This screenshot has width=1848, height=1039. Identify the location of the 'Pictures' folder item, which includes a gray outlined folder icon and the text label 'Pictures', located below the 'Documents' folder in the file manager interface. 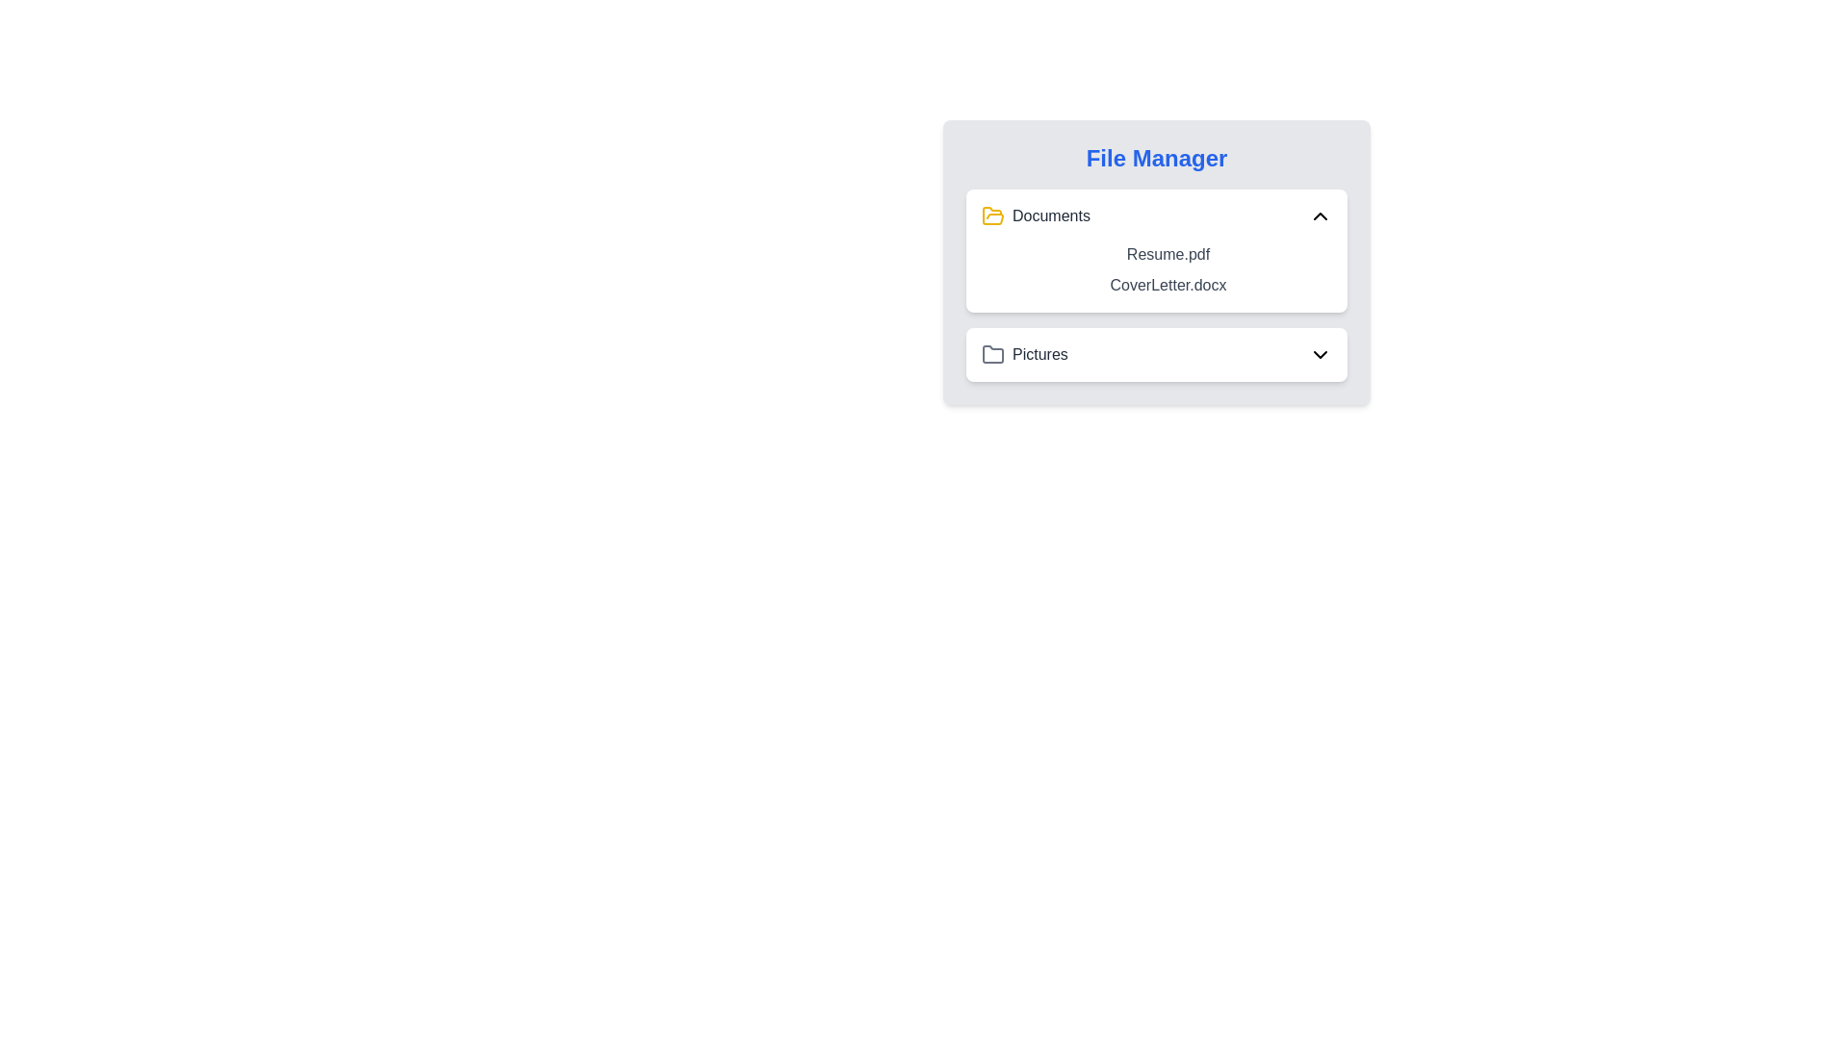
(1023, 355).